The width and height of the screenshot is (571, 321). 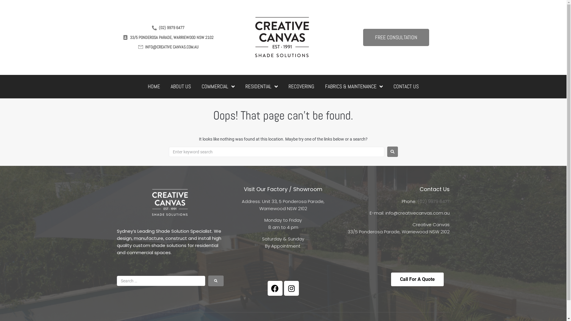 I want to click on 'RESIDENTIAL', so click(x=261, y=86).